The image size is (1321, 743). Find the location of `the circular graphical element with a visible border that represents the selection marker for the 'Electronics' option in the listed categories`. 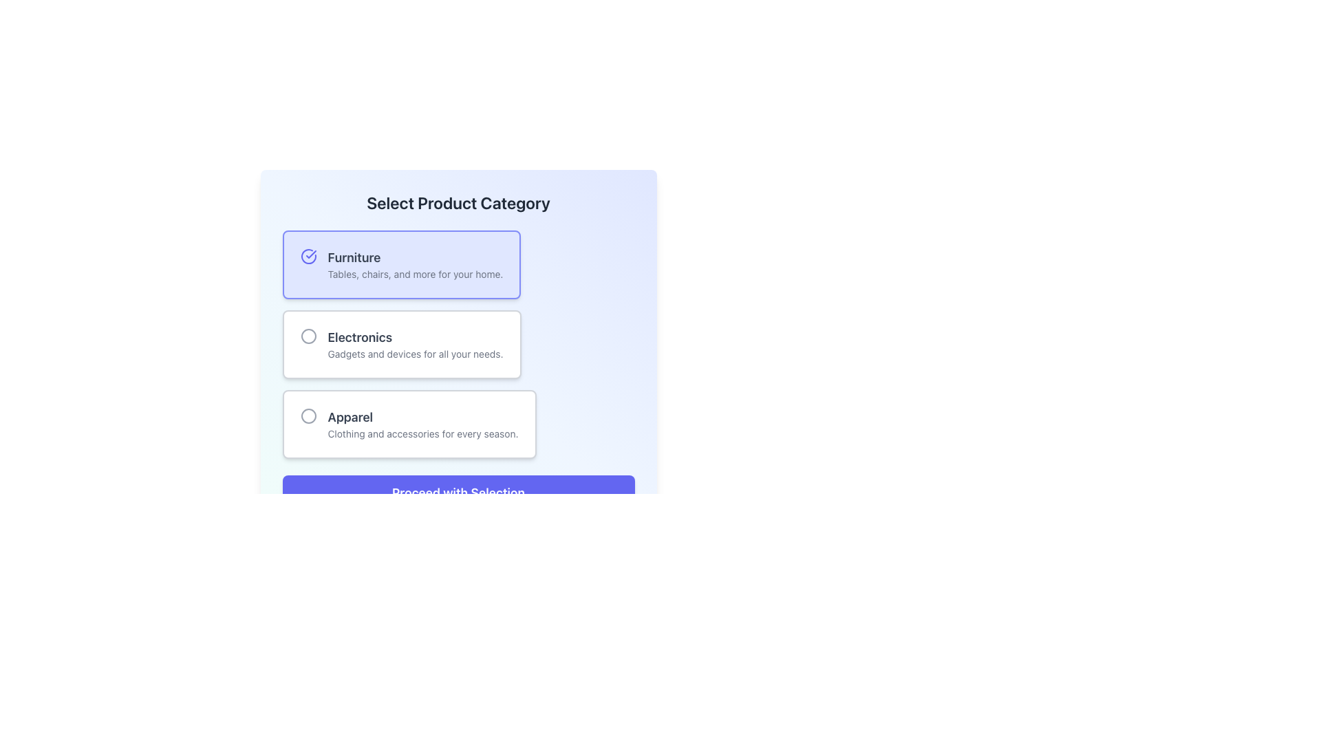

the circular graphical element with a visible border that represents the selection marker for the 'Electronics' option in the listed categories is located at coordinates (308, 336).